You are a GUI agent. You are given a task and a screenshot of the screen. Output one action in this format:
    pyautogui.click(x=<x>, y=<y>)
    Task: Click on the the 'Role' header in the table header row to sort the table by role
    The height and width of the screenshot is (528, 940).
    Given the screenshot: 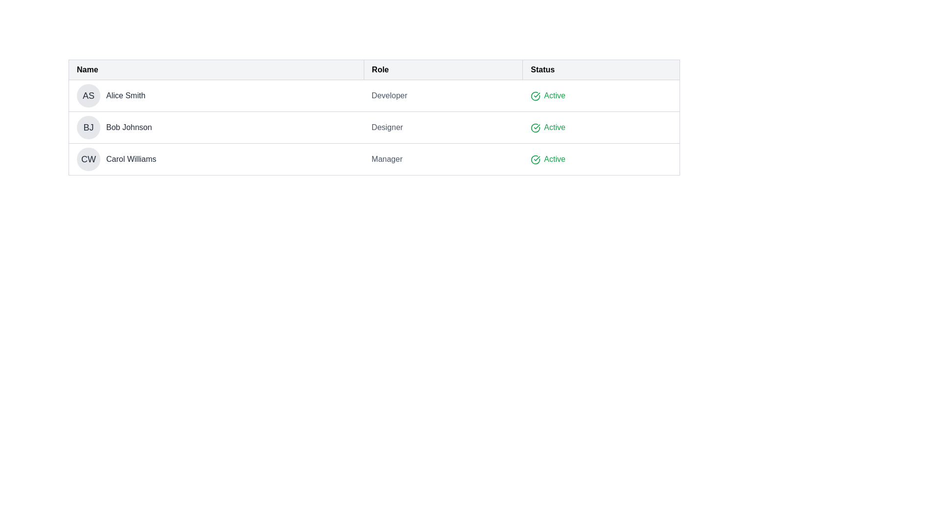 What is the action you would take?
    pyautogui.click(x=374, y=69)
    